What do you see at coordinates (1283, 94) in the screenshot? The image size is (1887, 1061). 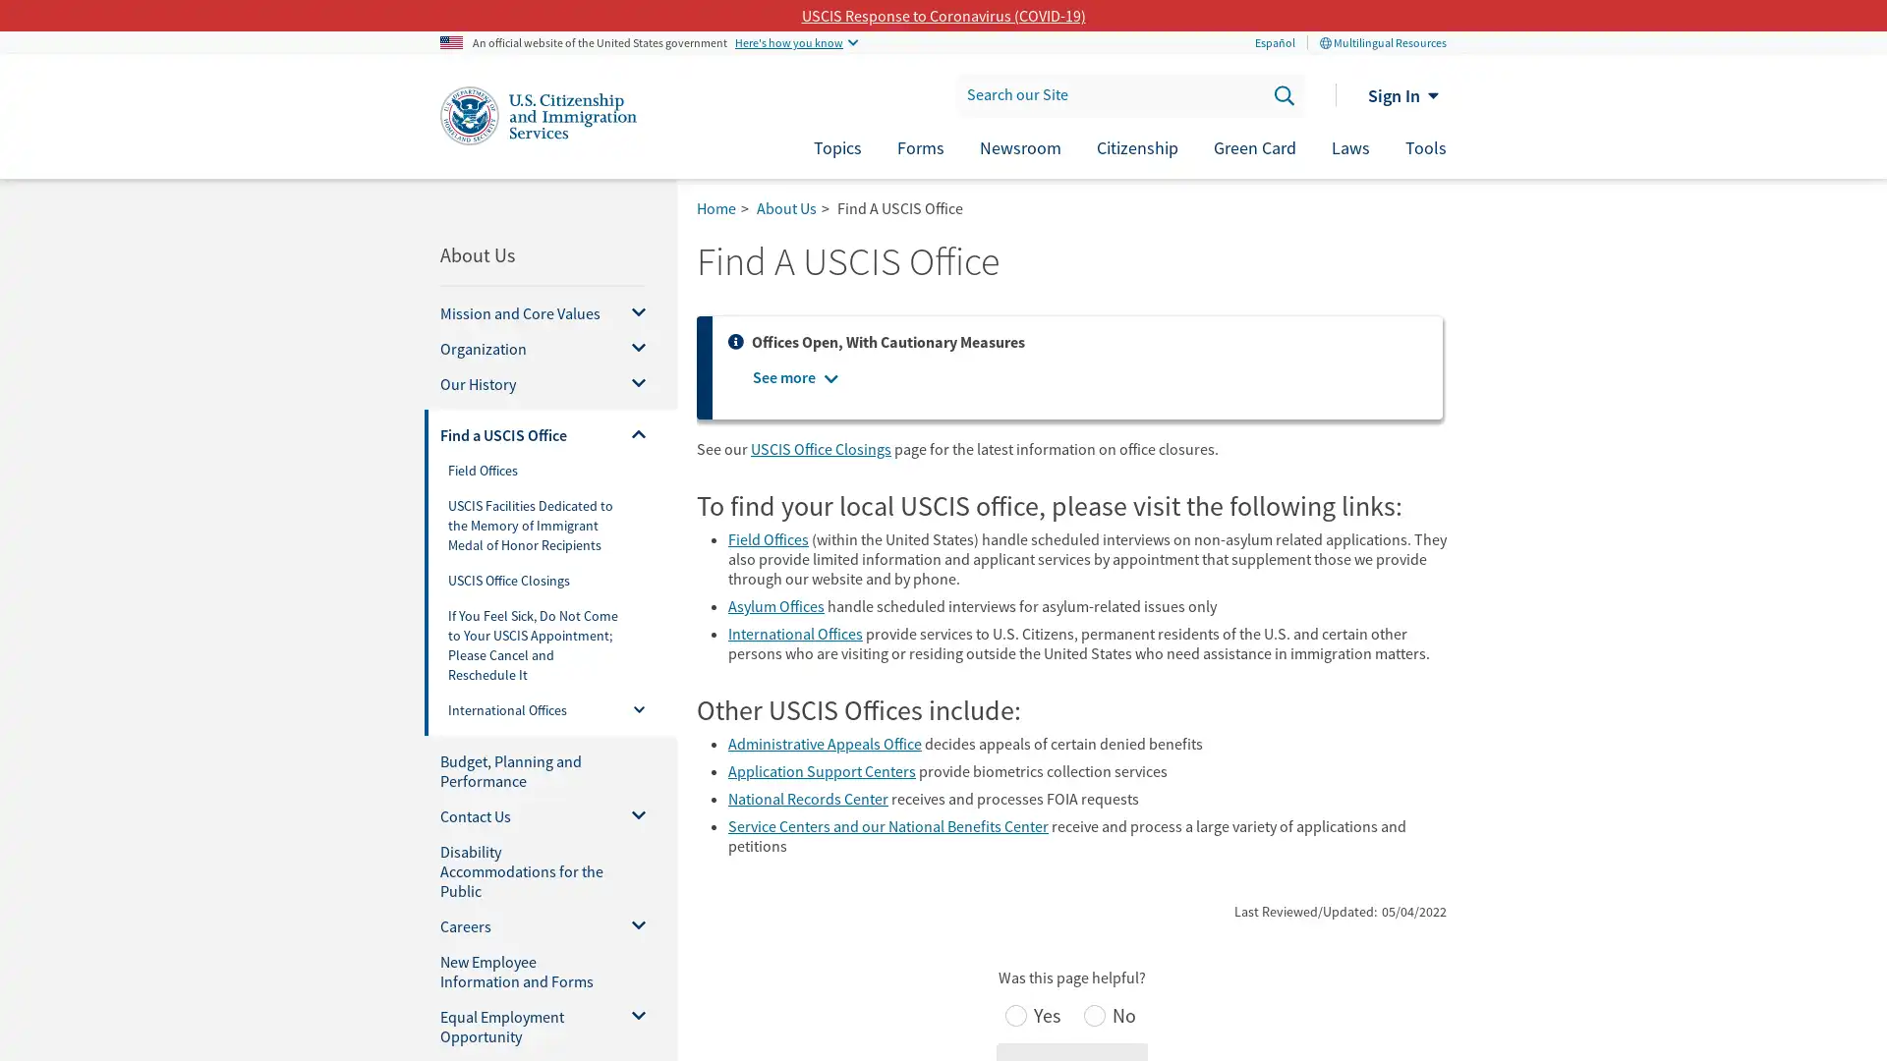 I see `Search` at bounding box center [1283, 94].